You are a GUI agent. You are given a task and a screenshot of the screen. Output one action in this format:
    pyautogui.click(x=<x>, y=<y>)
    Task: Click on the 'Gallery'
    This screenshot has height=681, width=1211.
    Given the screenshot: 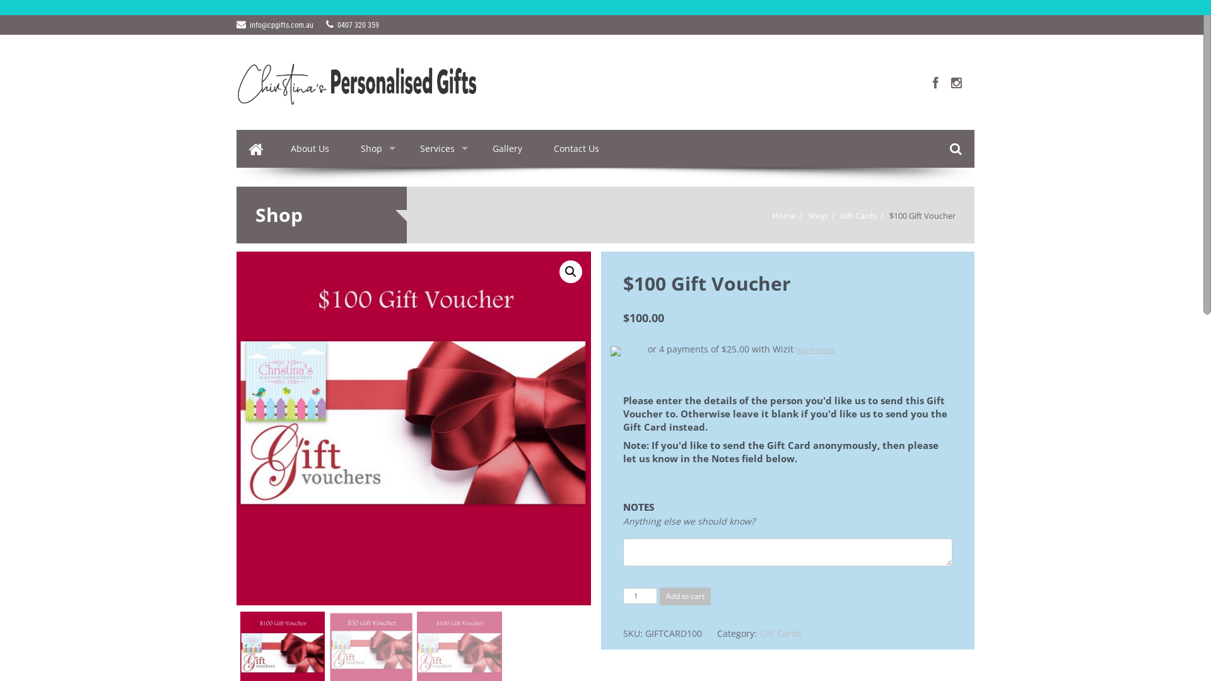 What is the action you would take?
    pyautogui.click(x=476, y=148)
    